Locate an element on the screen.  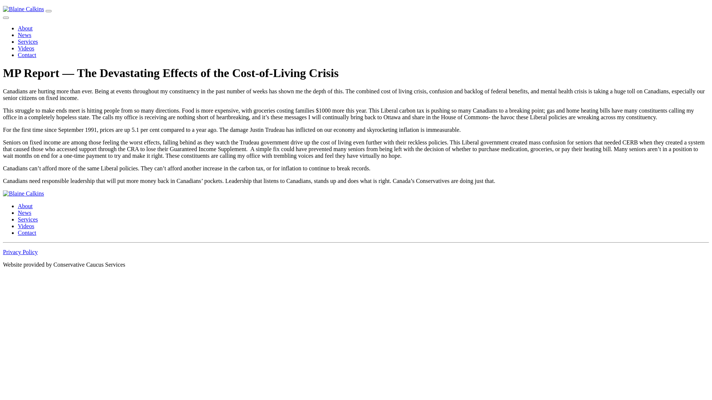
'About' is located at coordinates (25, 28).